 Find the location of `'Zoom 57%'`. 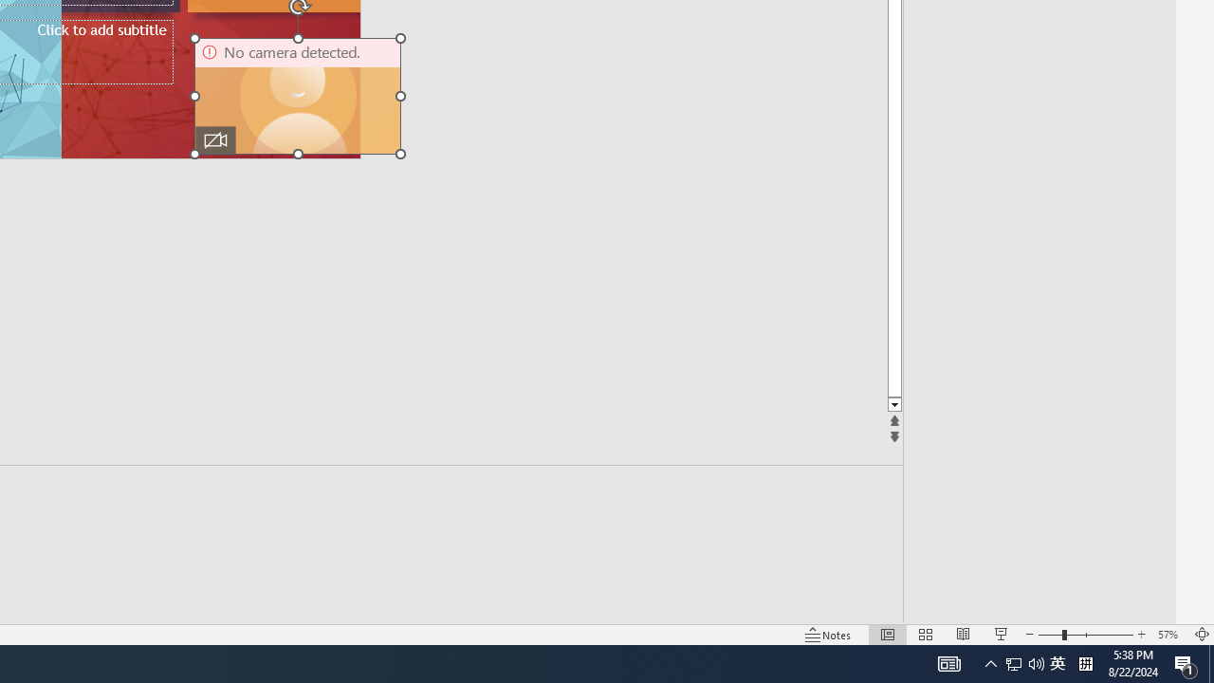

'Zoom 57%' is located at coordinates (1169, 635).